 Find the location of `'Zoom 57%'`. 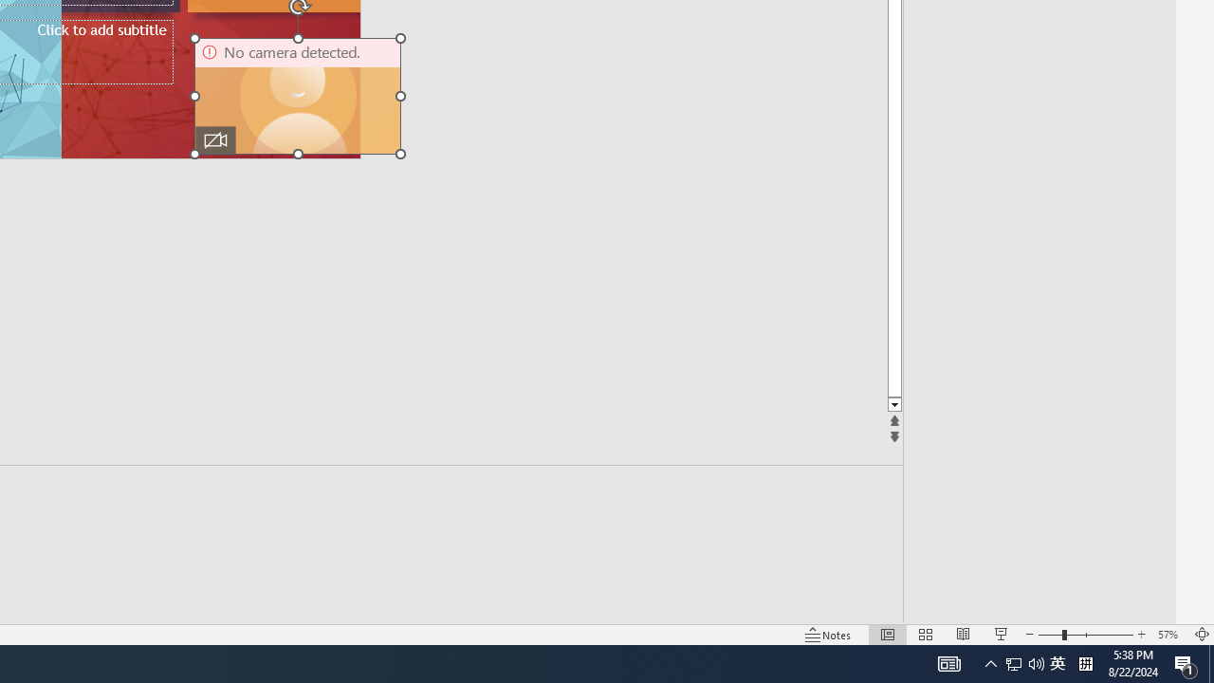

'Zoom 57%' is located at coordinates (1169, 635).